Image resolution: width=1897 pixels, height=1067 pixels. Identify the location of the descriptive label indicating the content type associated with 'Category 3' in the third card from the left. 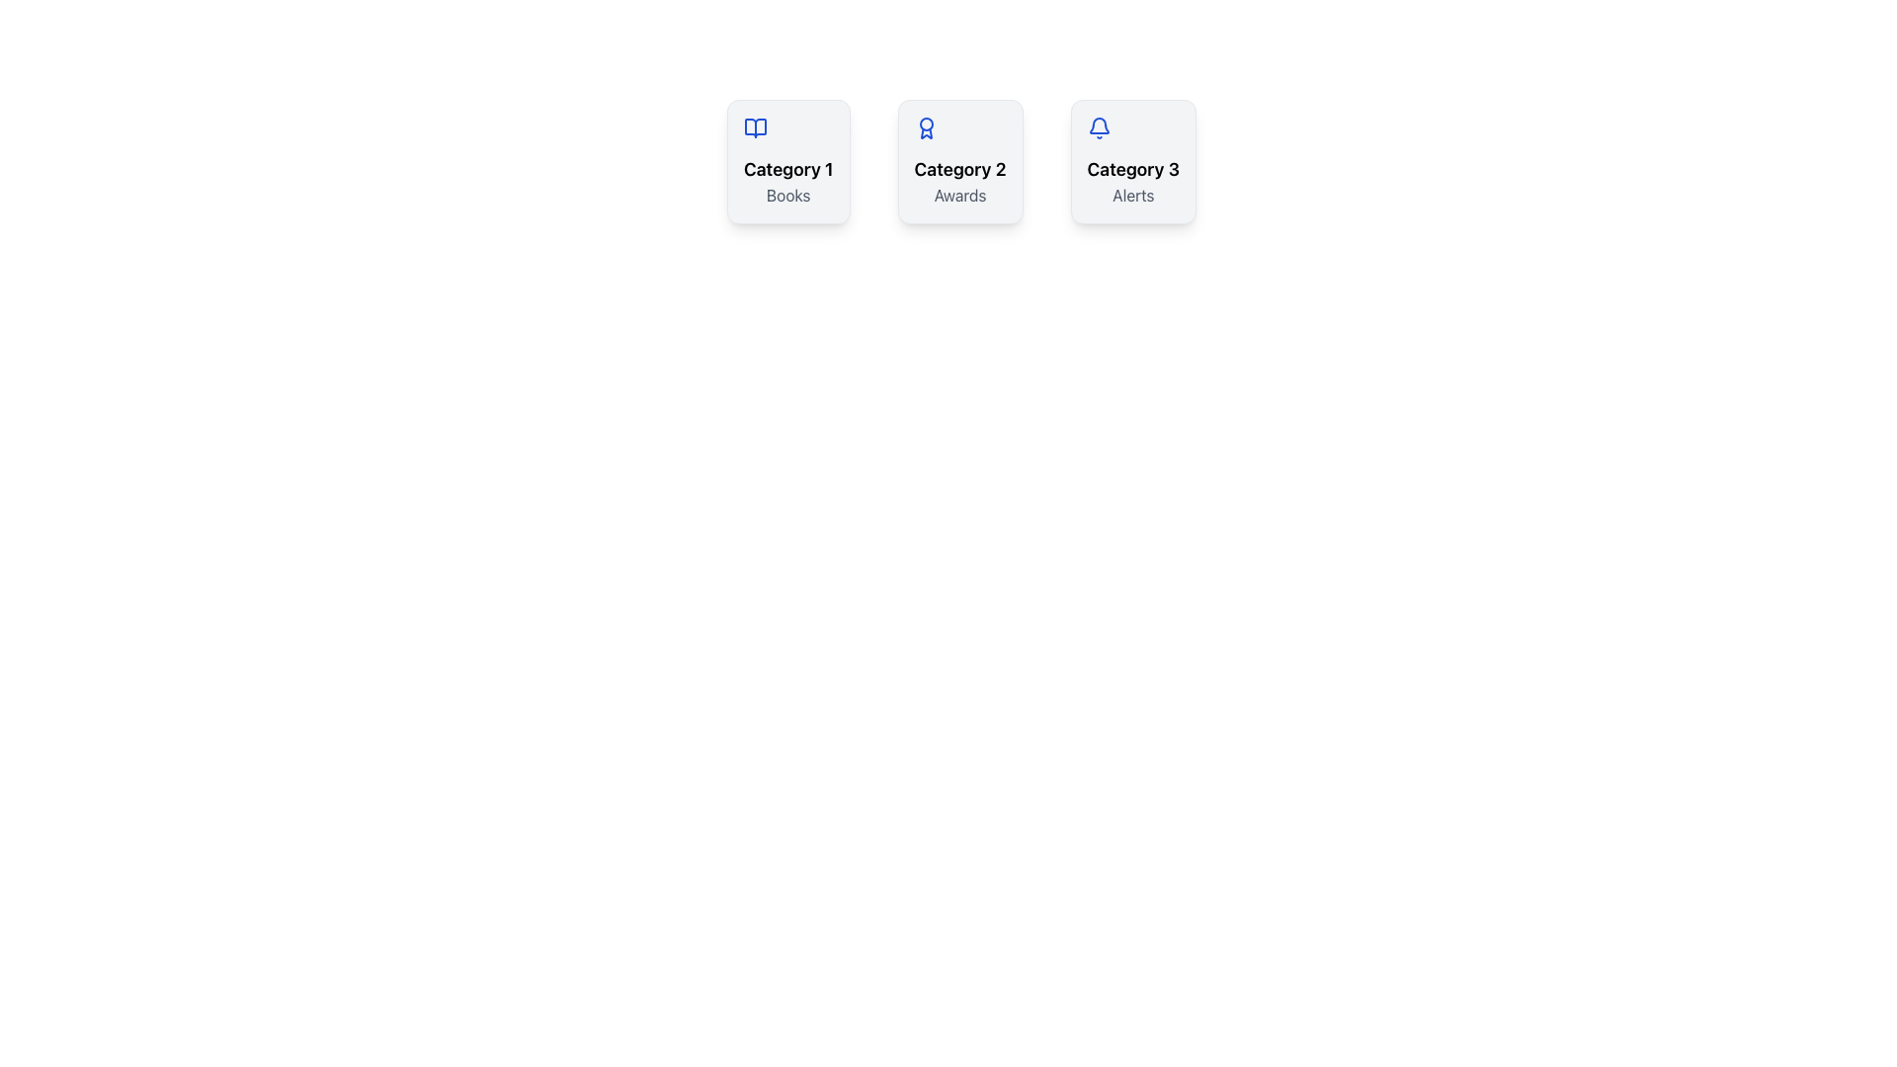
(1133, 195).